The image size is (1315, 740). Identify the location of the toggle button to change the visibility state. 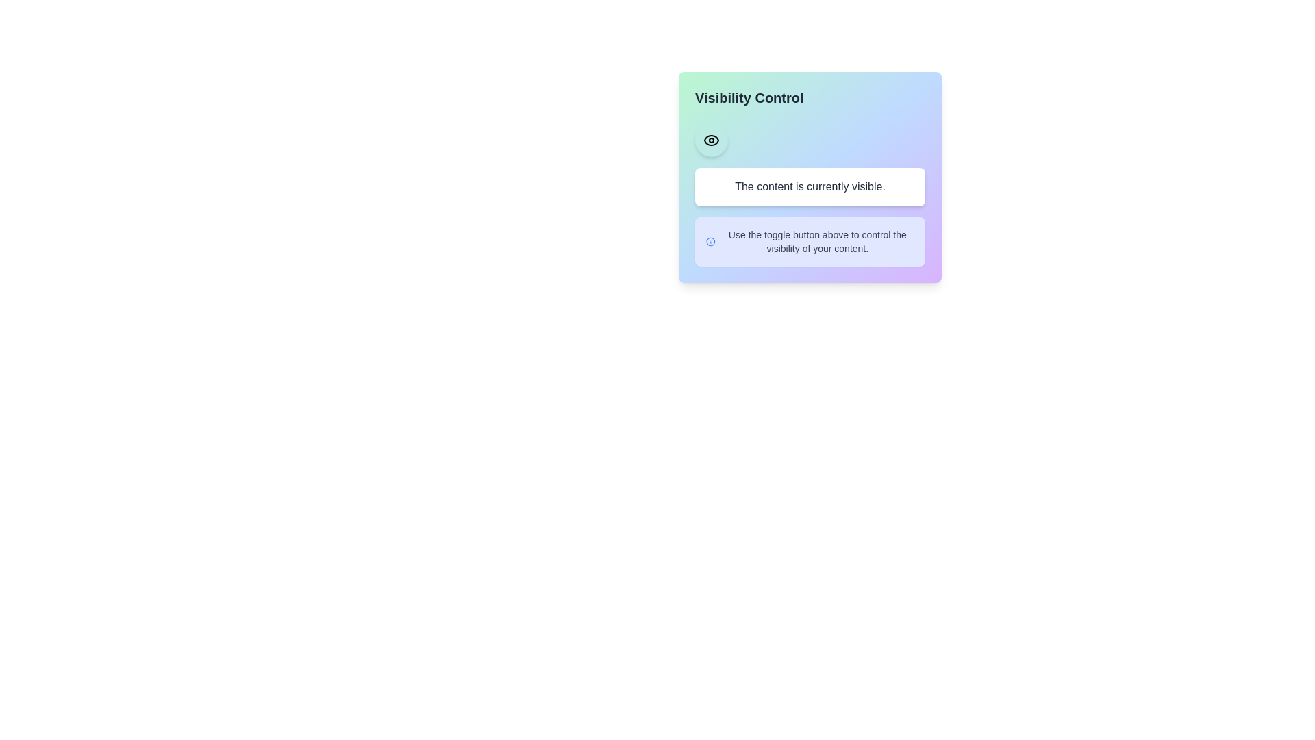
(711, 140).